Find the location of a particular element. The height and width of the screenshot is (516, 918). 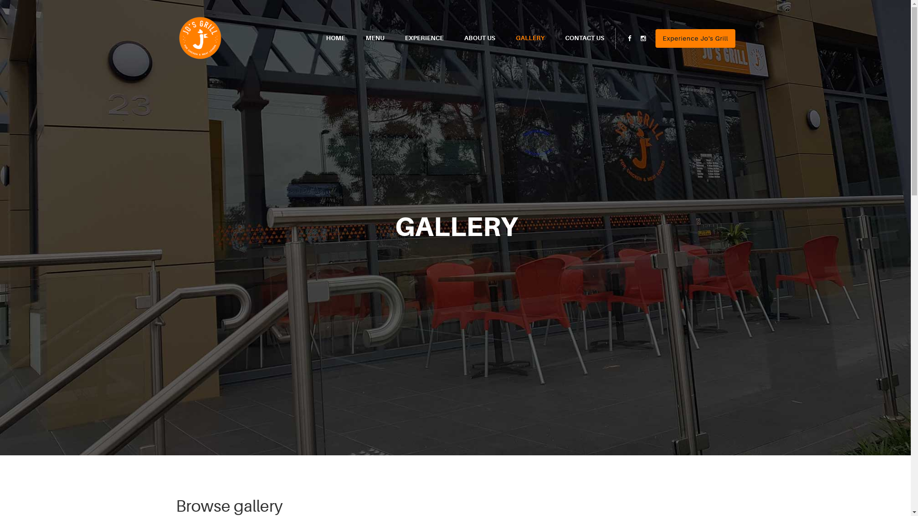

'ABOUT US' is located at coordinates (479, 38).